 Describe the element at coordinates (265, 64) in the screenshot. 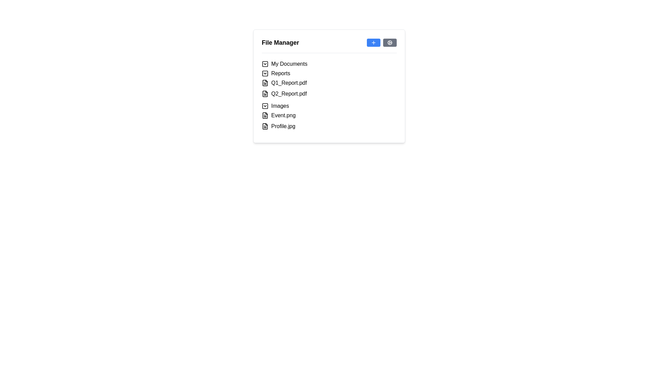

I see `the checkbox-like interactive component located near the upper-left edge of the interactive file manager` at that location.